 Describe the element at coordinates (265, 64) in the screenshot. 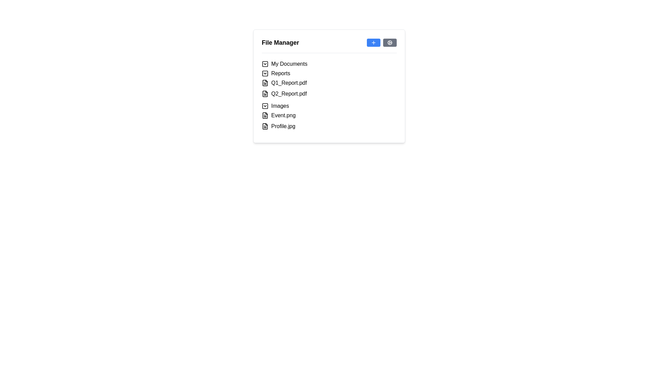

I see `the checkbox-like interactive component located near the upper-left edge of the interactive file manager` at that location.